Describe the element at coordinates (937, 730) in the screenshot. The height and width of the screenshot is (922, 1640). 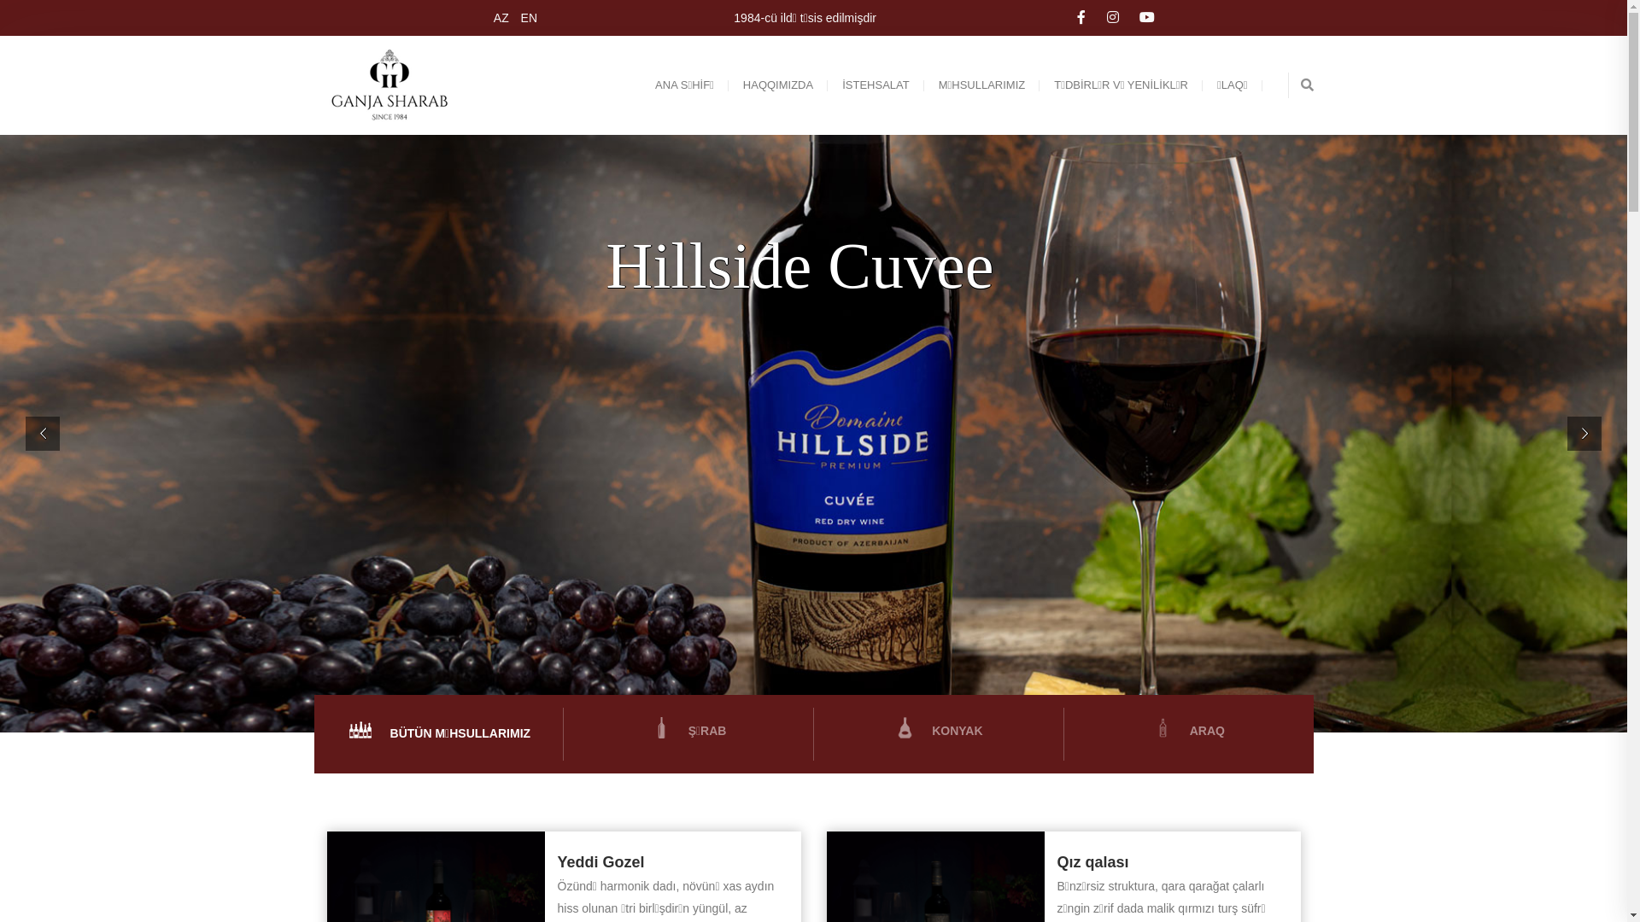
I see `'KONYAK'` at that location.